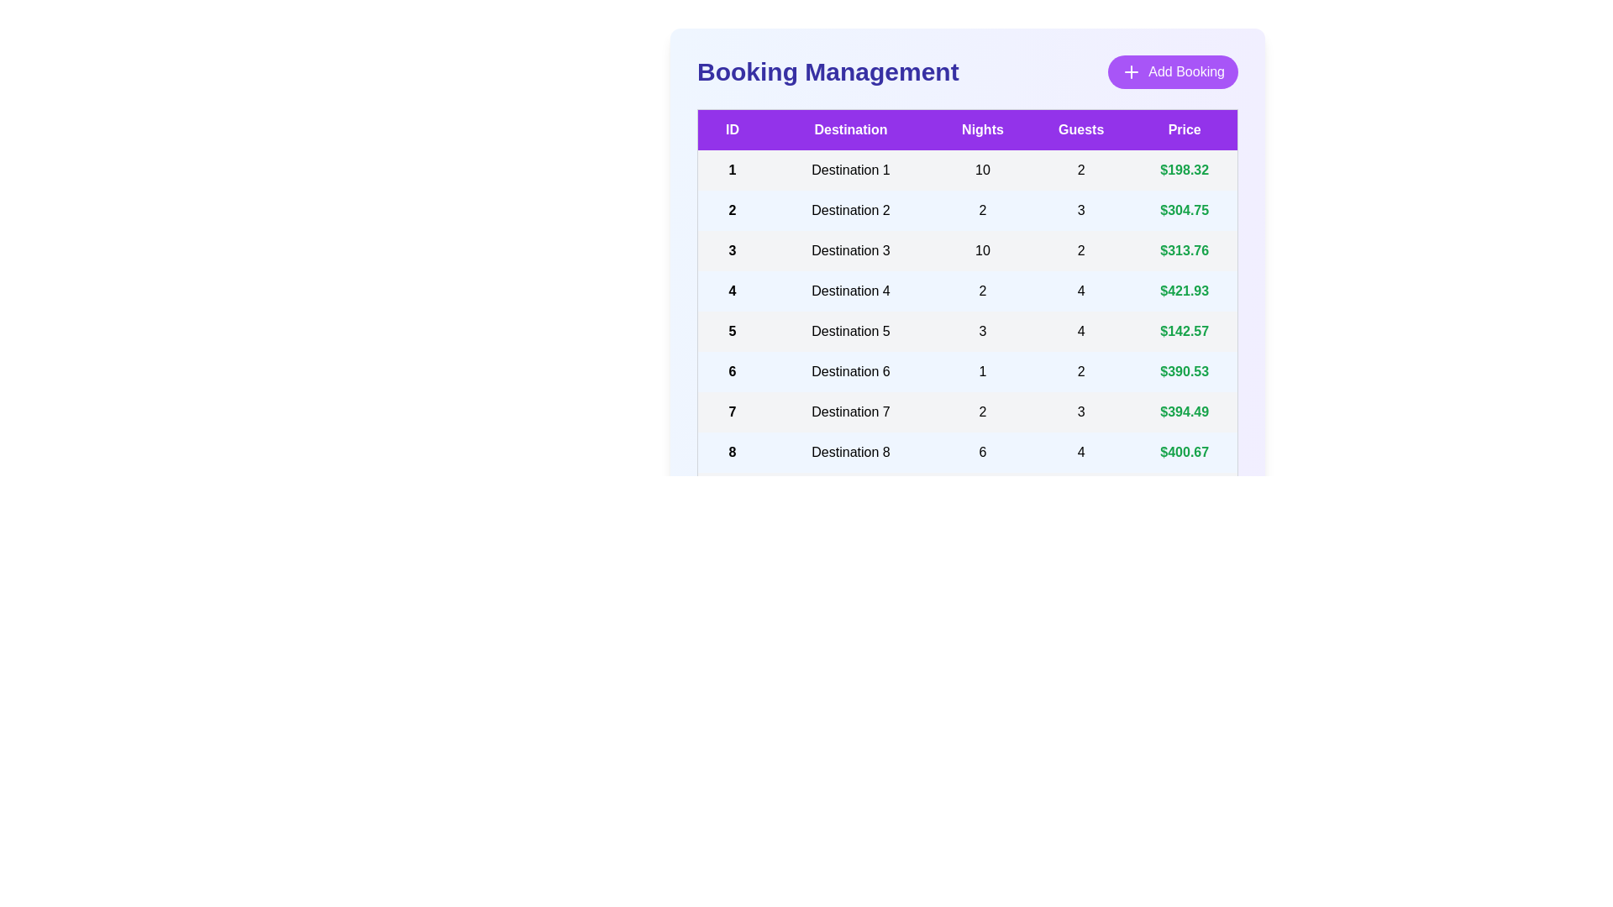  What do you see at coordinates (1081, 128) in the screenshot?
I see `the column header Guests to sort the table by that column` at bounding box center [1081, 128].